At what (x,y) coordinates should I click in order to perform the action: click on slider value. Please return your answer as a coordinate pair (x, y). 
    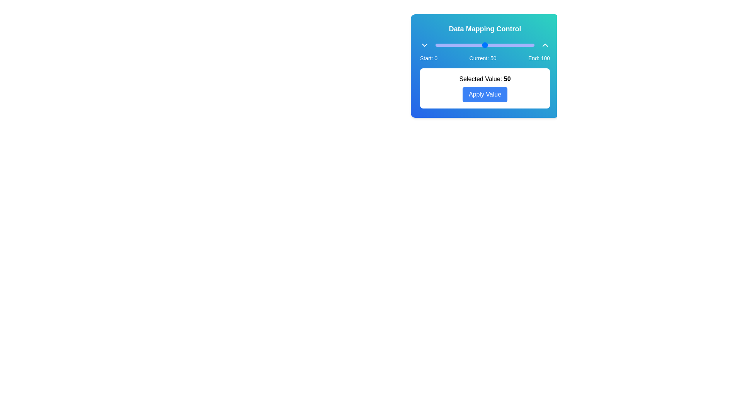
    Looking at the image, I should click on (440, 43).